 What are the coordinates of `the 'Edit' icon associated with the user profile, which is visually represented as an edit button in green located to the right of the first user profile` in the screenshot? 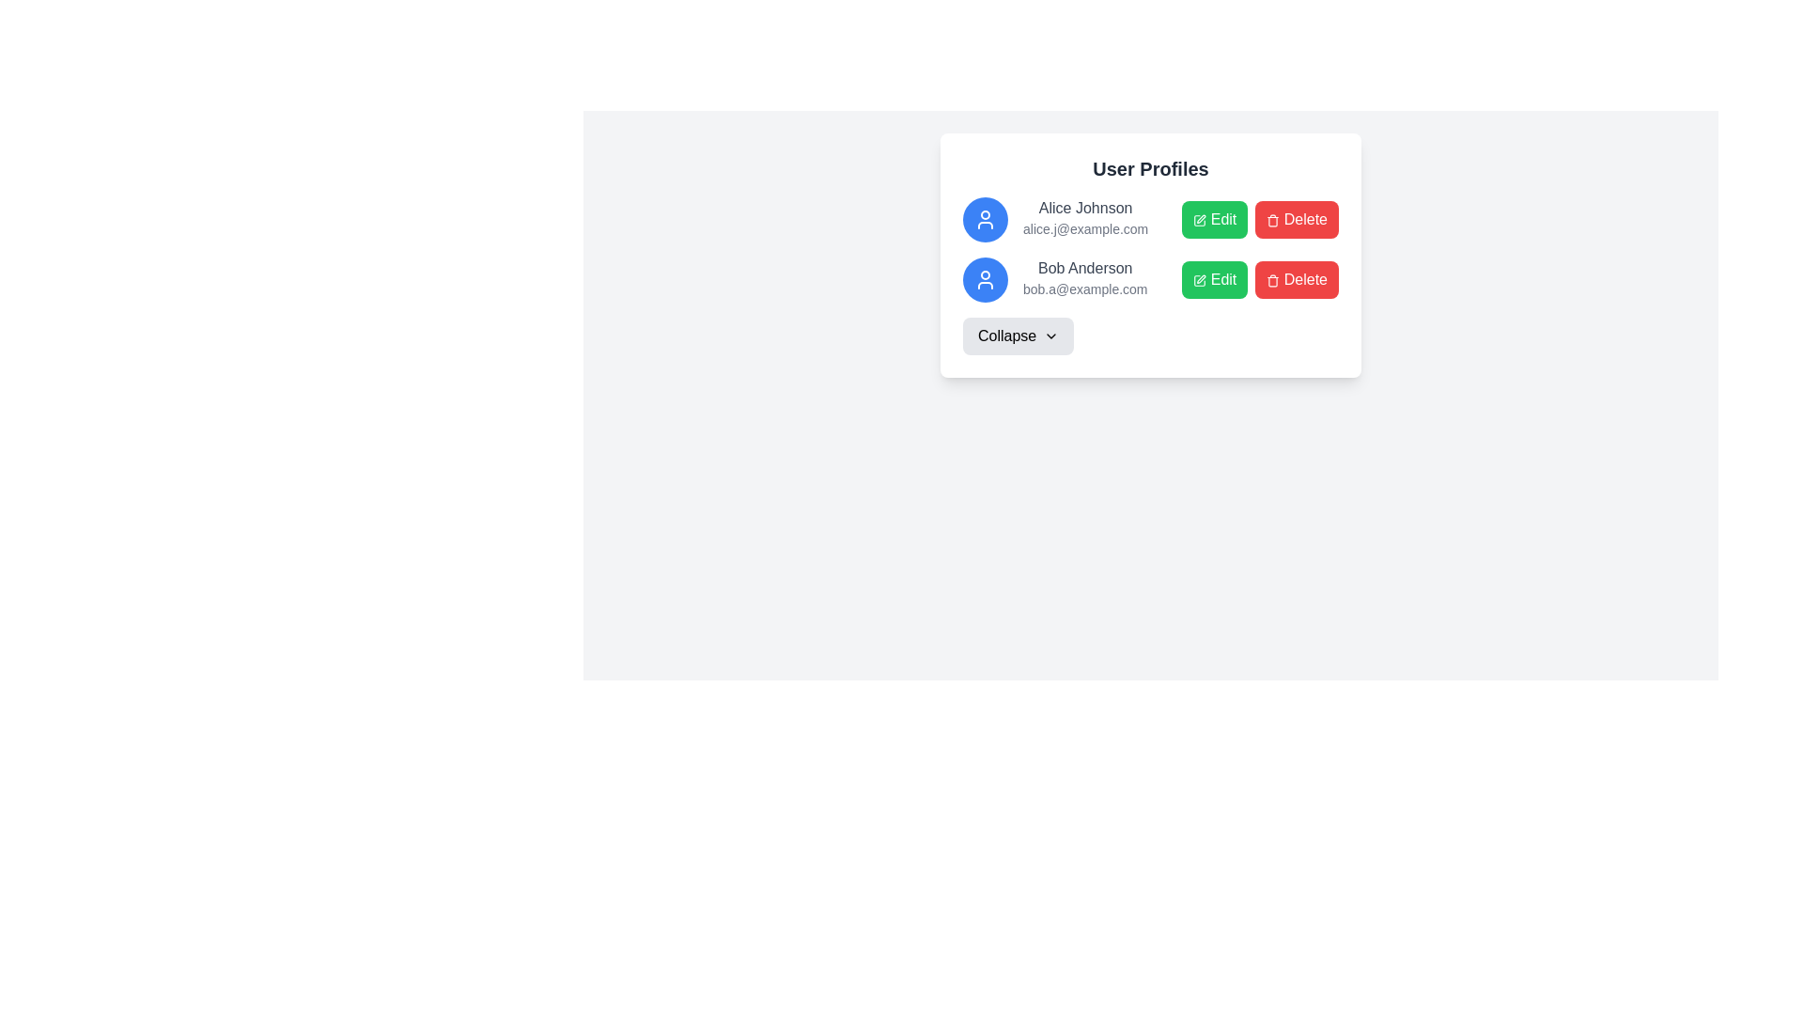 It's located at (1199, 219).